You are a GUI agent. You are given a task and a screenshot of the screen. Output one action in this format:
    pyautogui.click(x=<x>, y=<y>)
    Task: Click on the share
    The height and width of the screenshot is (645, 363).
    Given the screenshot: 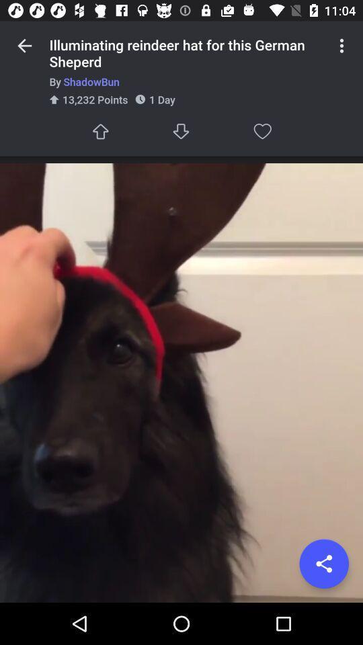 What is the action you would take?
    pyautogui.click(x=323, y=564)
    